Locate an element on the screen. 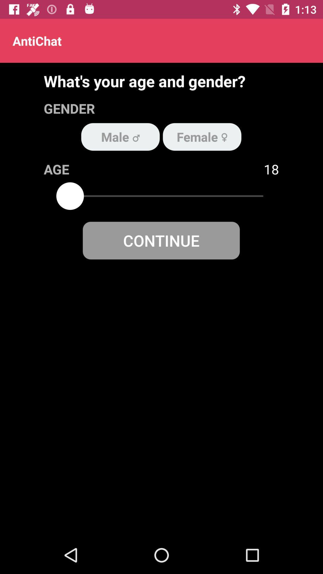 The image size is (323, 574). the item below the gender item is located at coordinates (120, 136).